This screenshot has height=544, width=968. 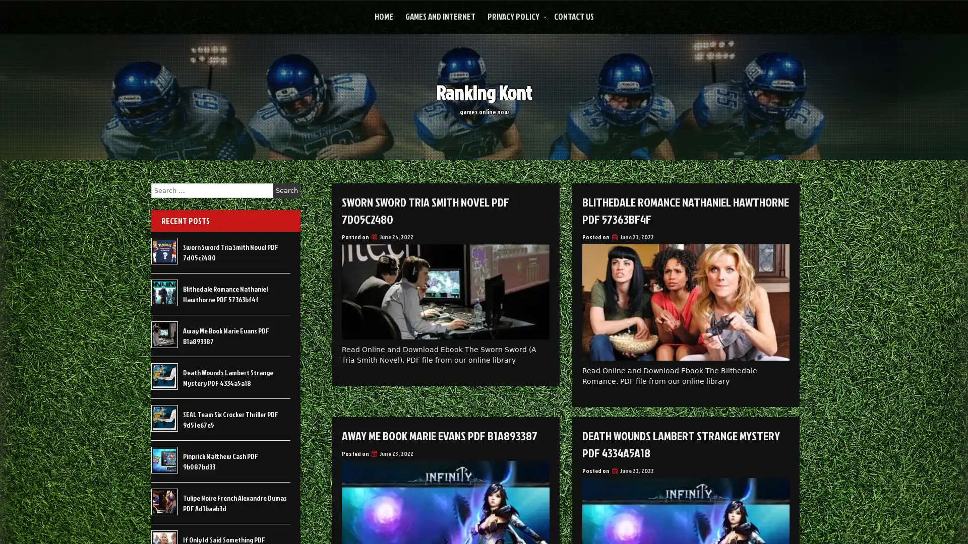 What do you see at coordinates (286, 190) in the screenshot?
I see `Search` at bounding box center [286, 190].